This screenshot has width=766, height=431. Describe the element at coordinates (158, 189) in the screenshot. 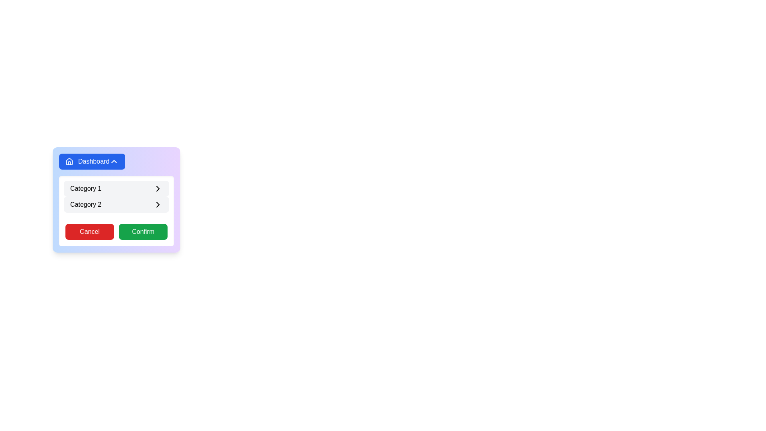

I see `the arrow icon located to the right of the 'Category 1' label` at that location.